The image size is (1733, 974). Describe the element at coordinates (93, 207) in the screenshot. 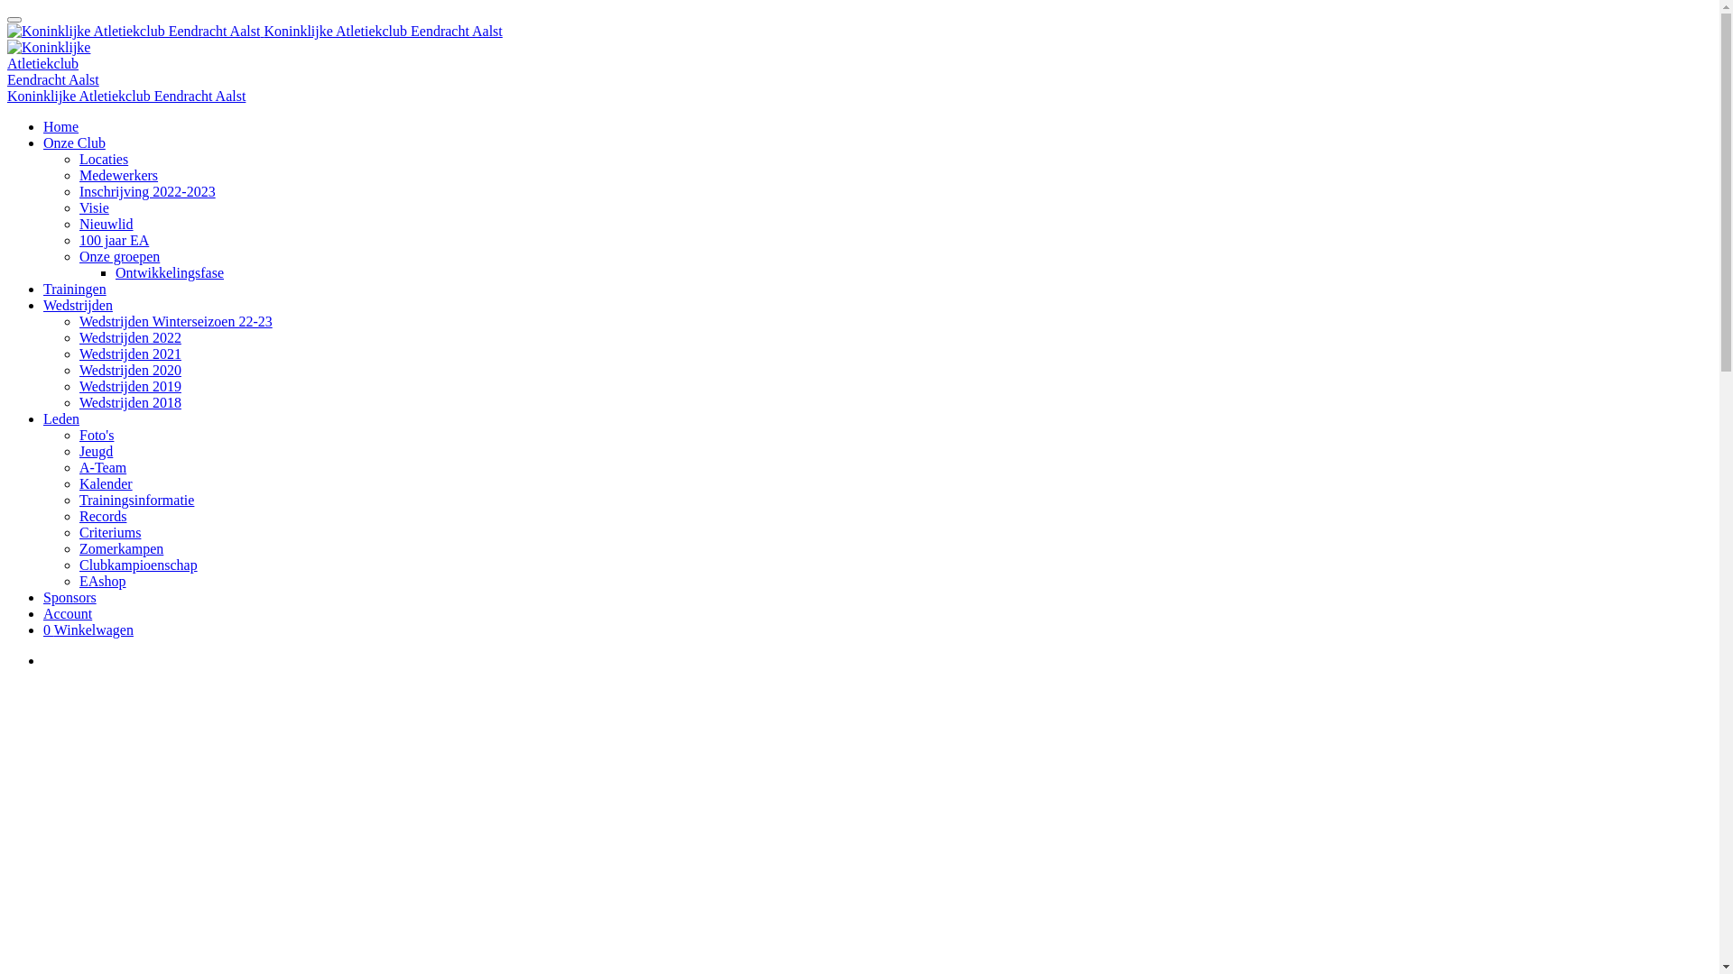

I see `'Visie'` at that location.